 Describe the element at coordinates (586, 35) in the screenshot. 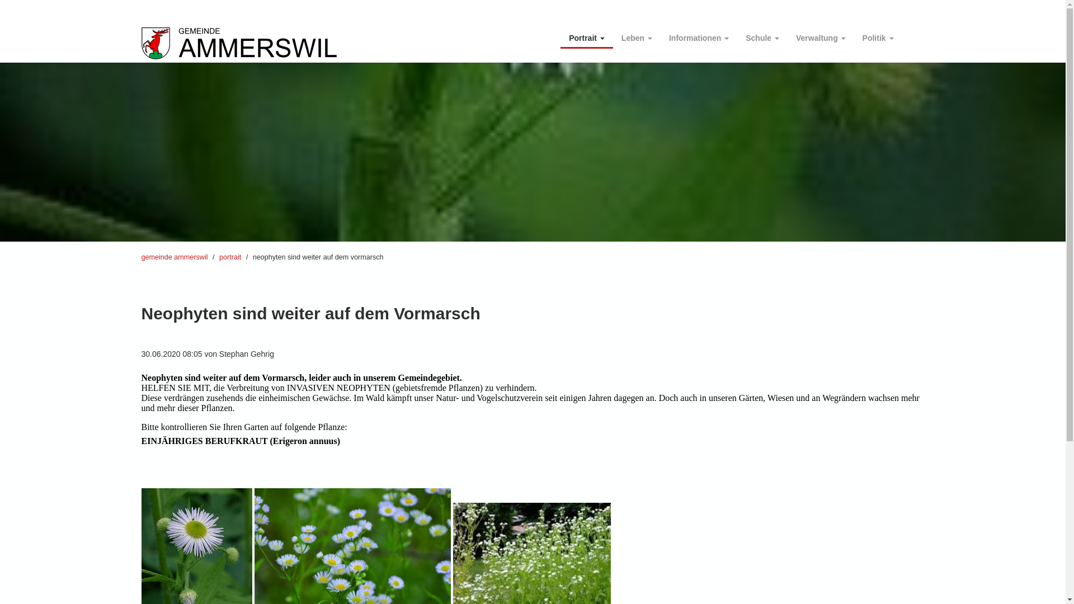

I see `'Portrait'` at that location.